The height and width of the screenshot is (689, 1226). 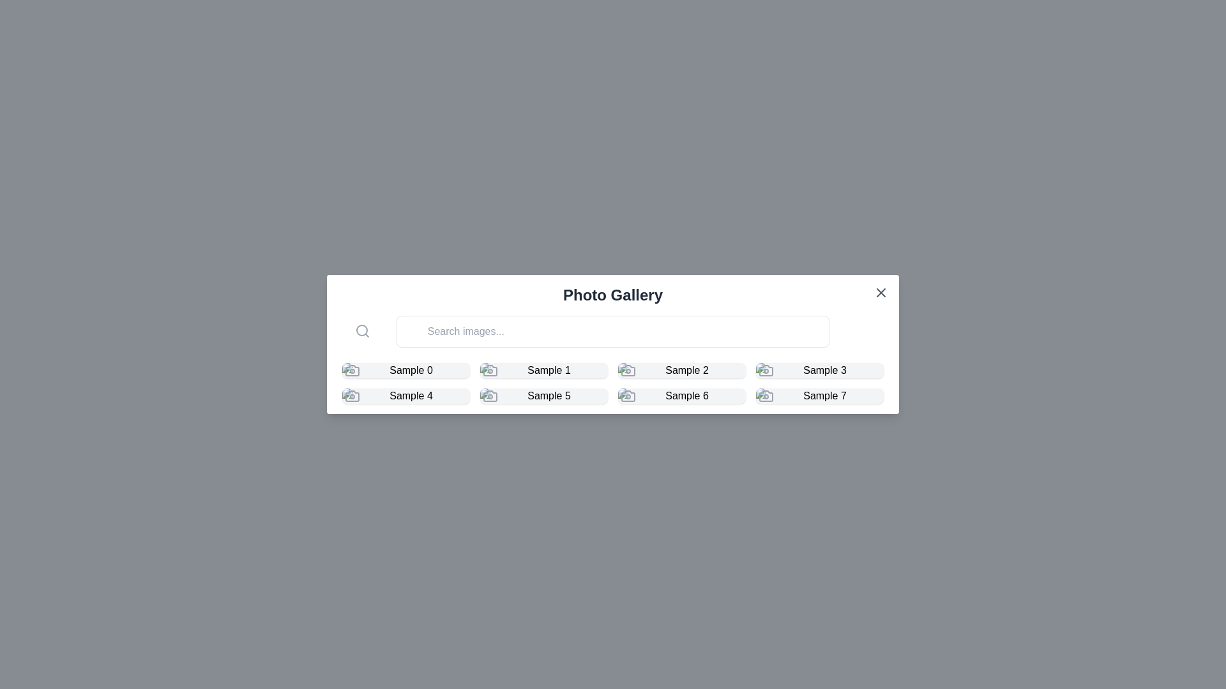 I want to click on the outer portion of the camera icon in the gallery item adjacent to 'Sample 0', so click(x=352, y=371).